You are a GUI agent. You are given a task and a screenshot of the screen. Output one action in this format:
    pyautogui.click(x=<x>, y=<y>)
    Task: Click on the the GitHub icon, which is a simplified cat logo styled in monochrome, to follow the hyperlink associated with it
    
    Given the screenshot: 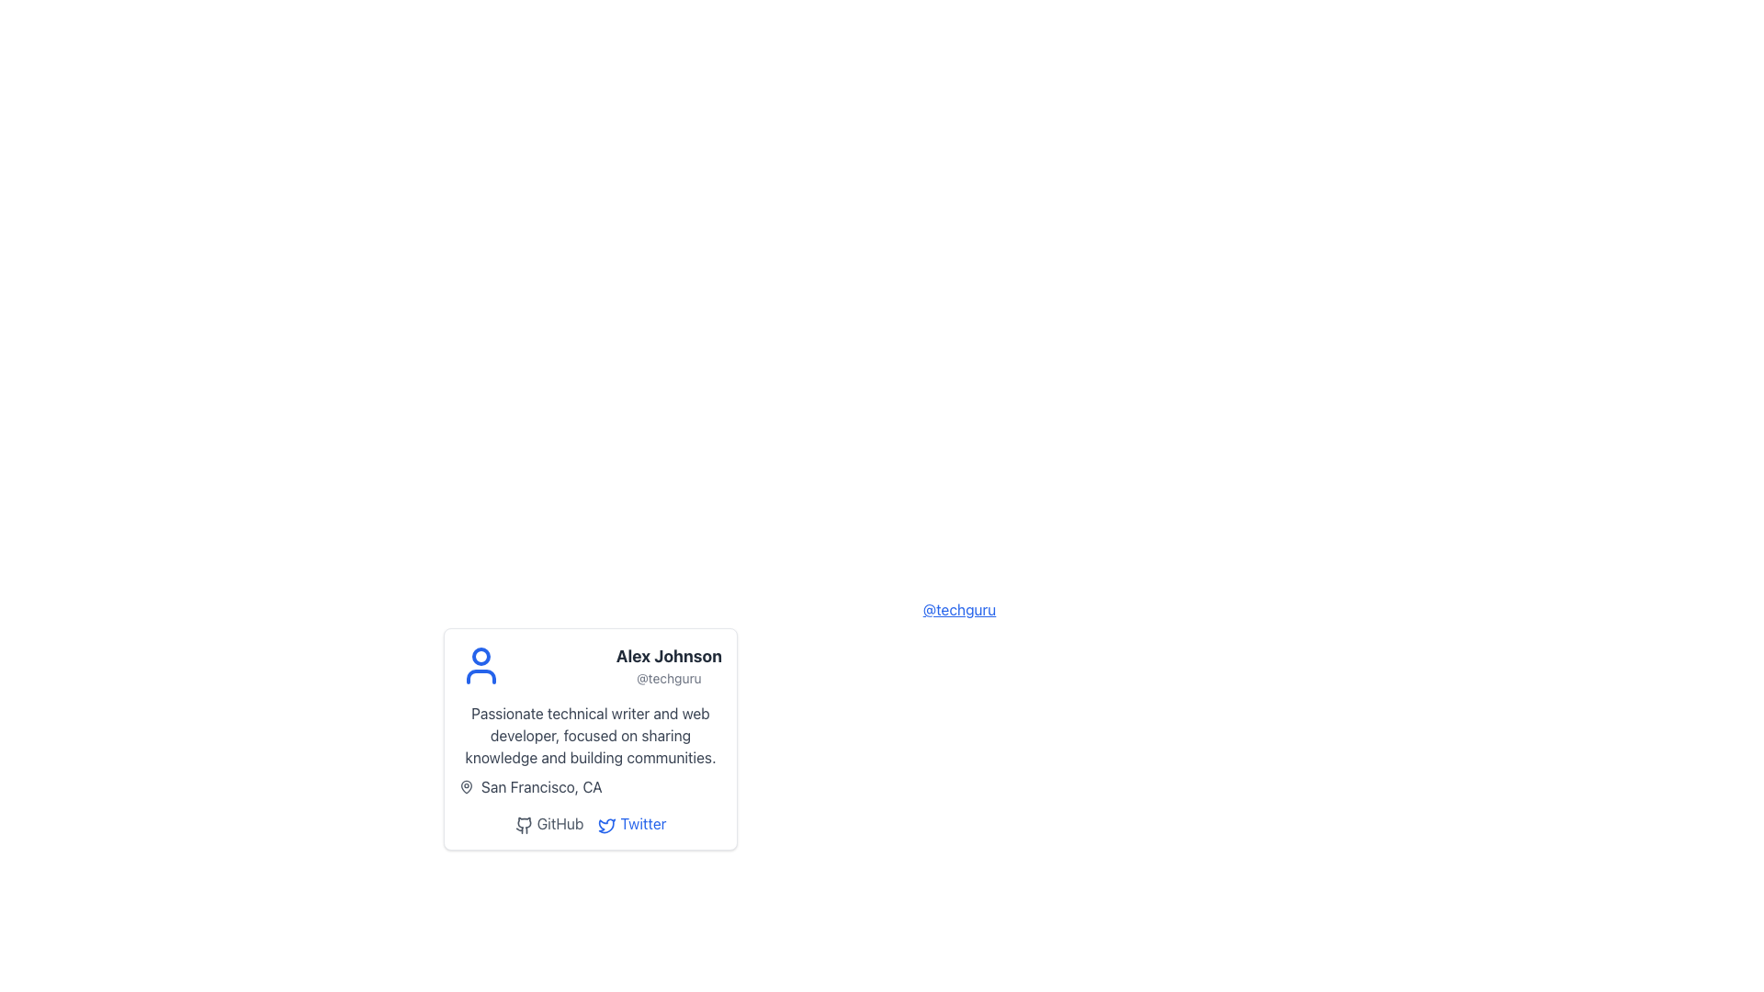 What is the action you would take?
    pyautogui.click(x=523, y=824)
    